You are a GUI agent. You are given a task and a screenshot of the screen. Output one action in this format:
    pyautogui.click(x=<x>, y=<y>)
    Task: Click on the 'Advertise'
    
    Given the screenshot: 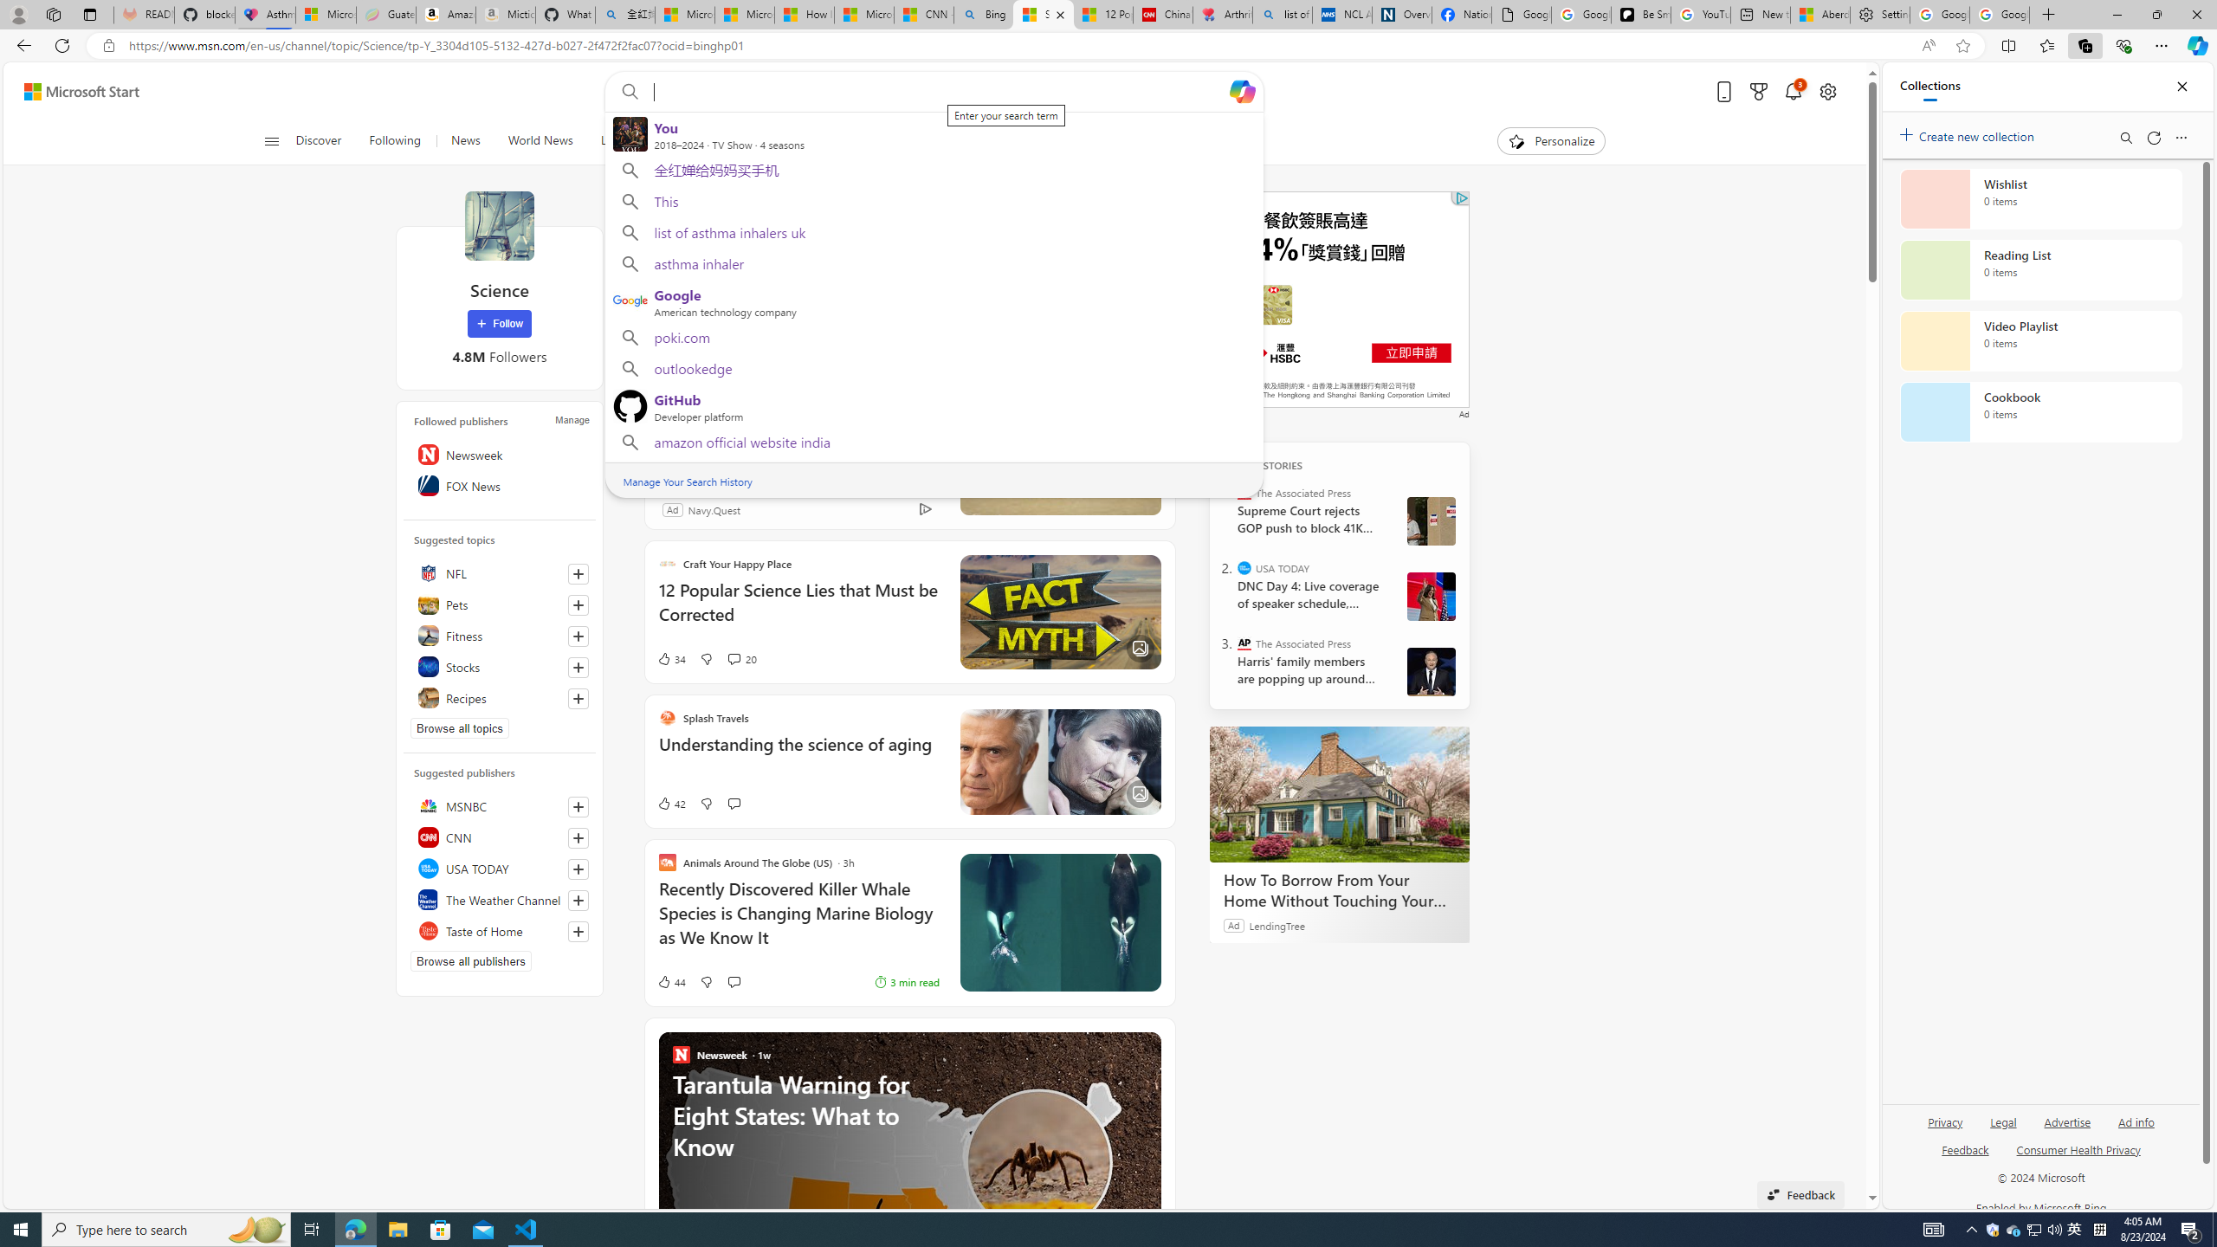 What is the action you would take?
    pyautogui.click(x=2068, y=1127)
    